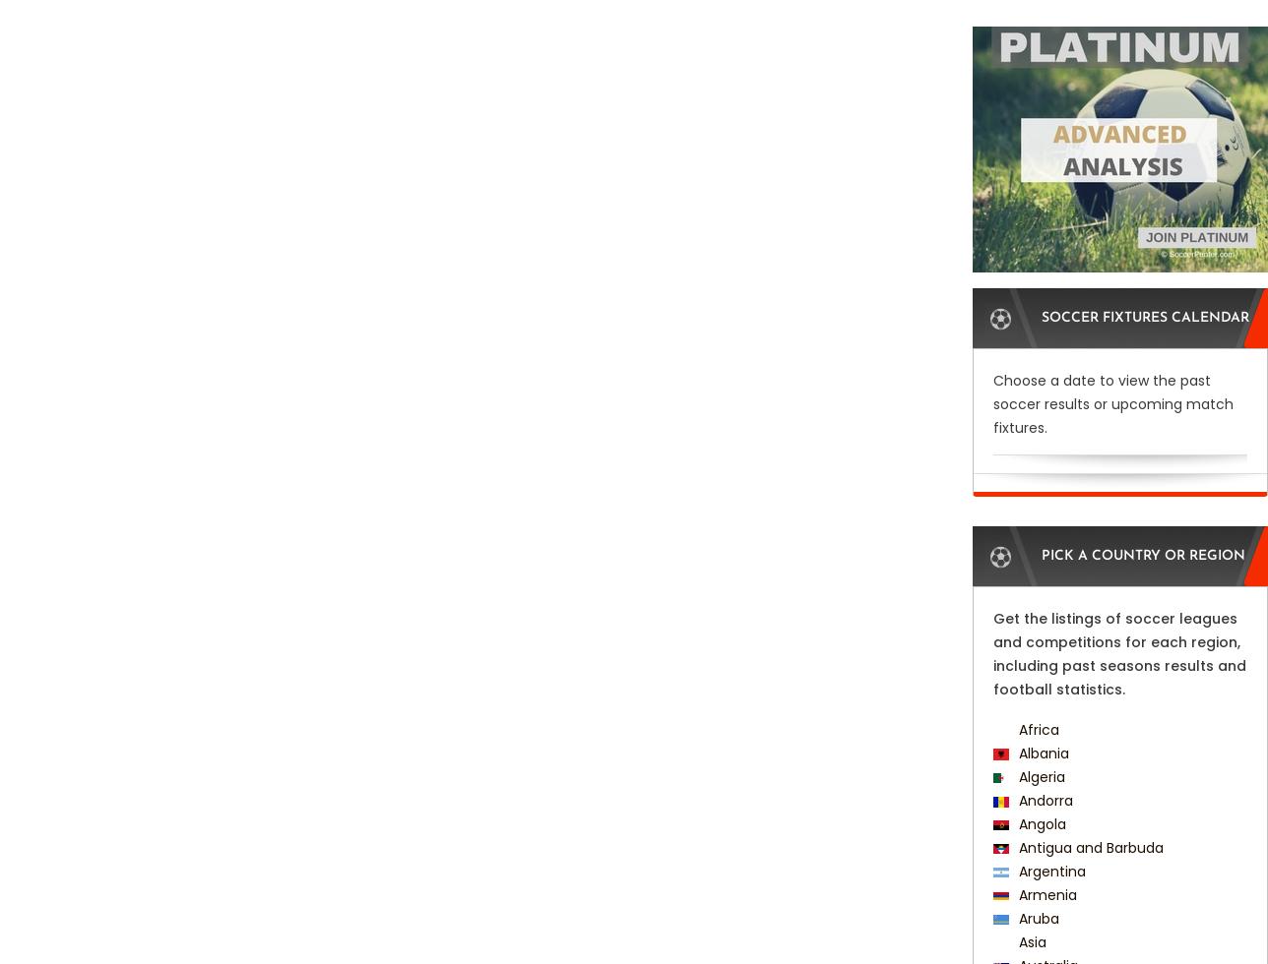 The image size is (1268, 964). I want to click on 'Pick a Country or Region', so click(1143, 556).